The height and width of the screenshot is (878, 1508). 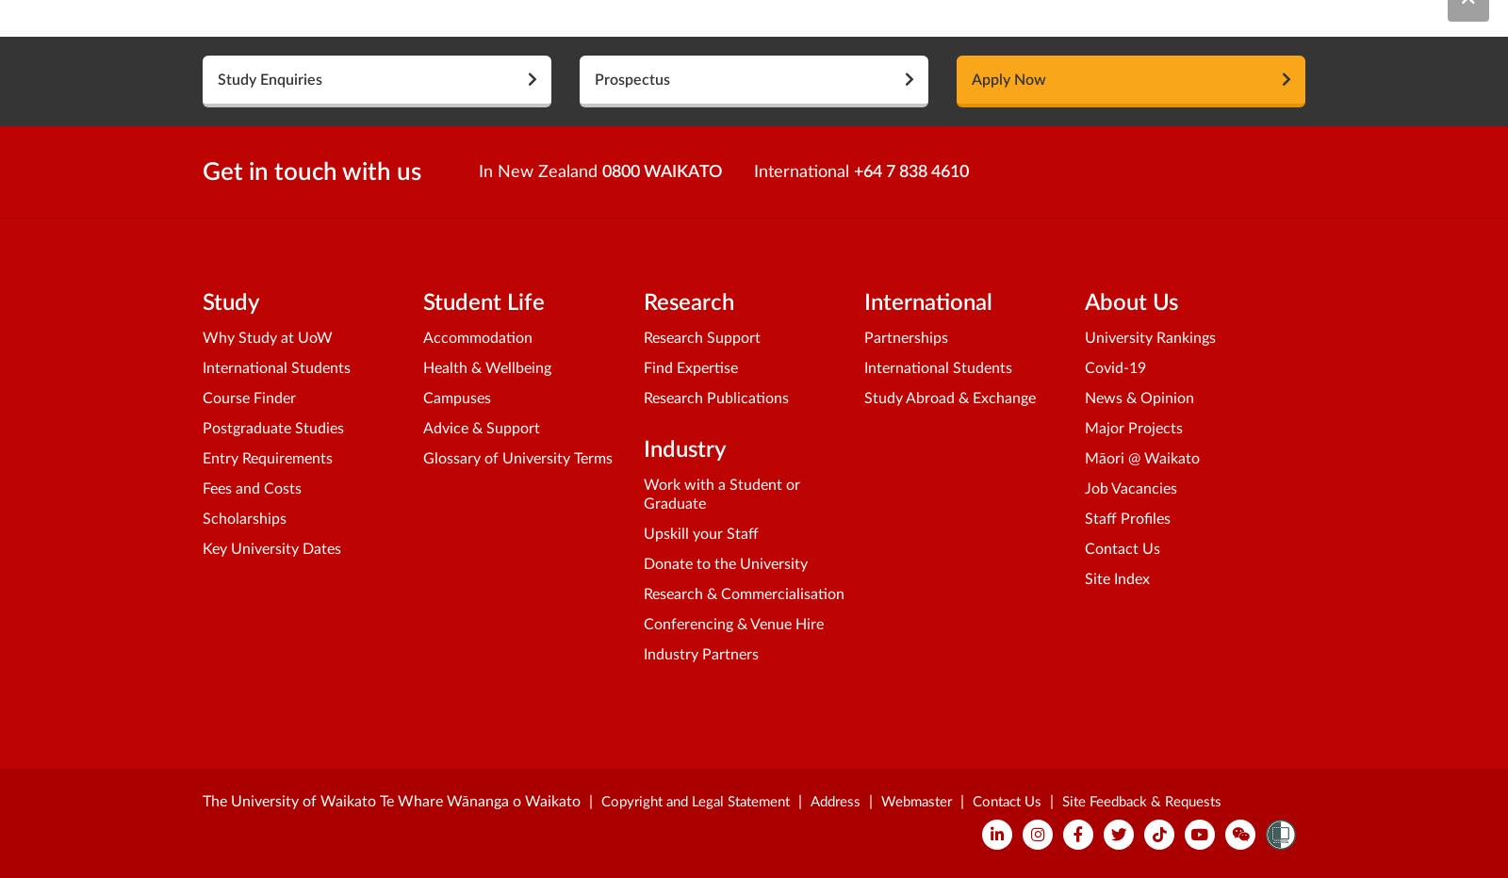 I want to click on 'Research Publications', so click(x=716, y=398).